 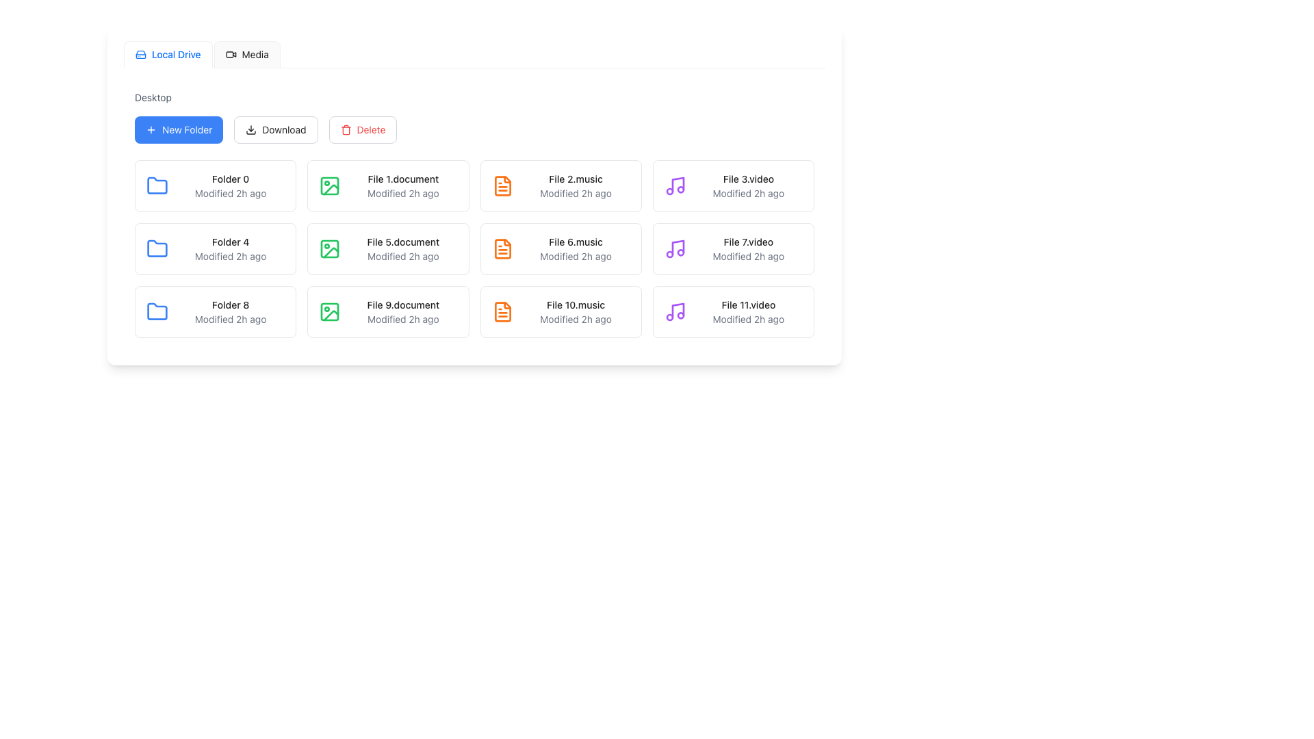 I want to click on on the 'Folder 8' item located in the second column under the 'Desktop' section of the grid layout, so click(x=215, y=311).